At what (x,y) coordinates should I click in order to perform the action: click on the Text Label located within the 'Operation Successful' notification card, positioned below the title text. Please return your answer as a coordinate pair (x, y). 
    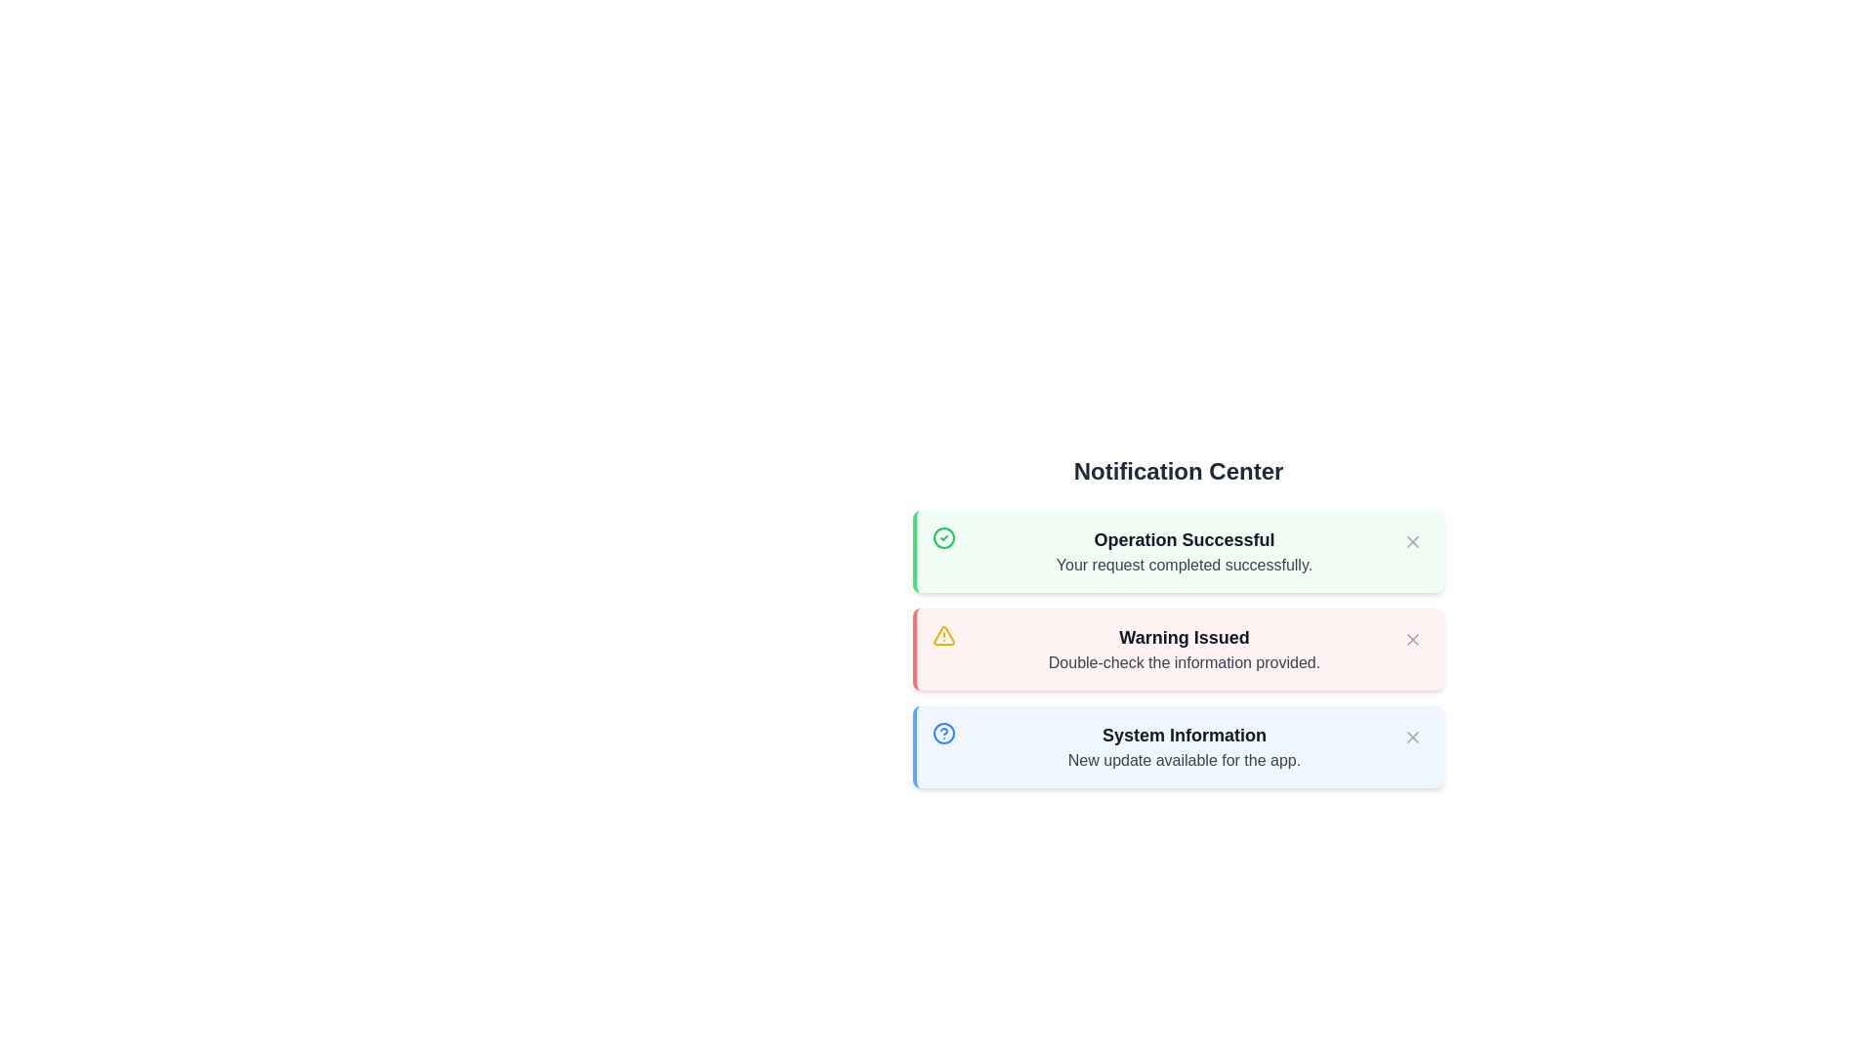
    Looking at the image, I should click on (1184, 565).